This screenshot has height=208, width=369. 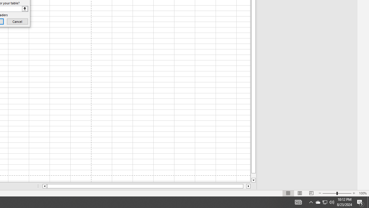 What do you see at coordinates (311, 193) in the screenshot?
I see `'Page Break Preview'` at bounding box center [311, 193].